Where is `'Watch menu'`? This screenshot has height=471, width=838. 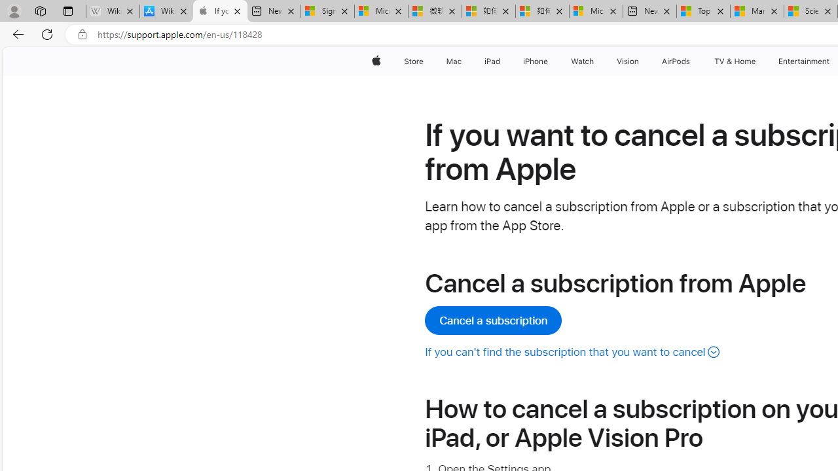
'Watch menu' is located at coordinates (596, 61).